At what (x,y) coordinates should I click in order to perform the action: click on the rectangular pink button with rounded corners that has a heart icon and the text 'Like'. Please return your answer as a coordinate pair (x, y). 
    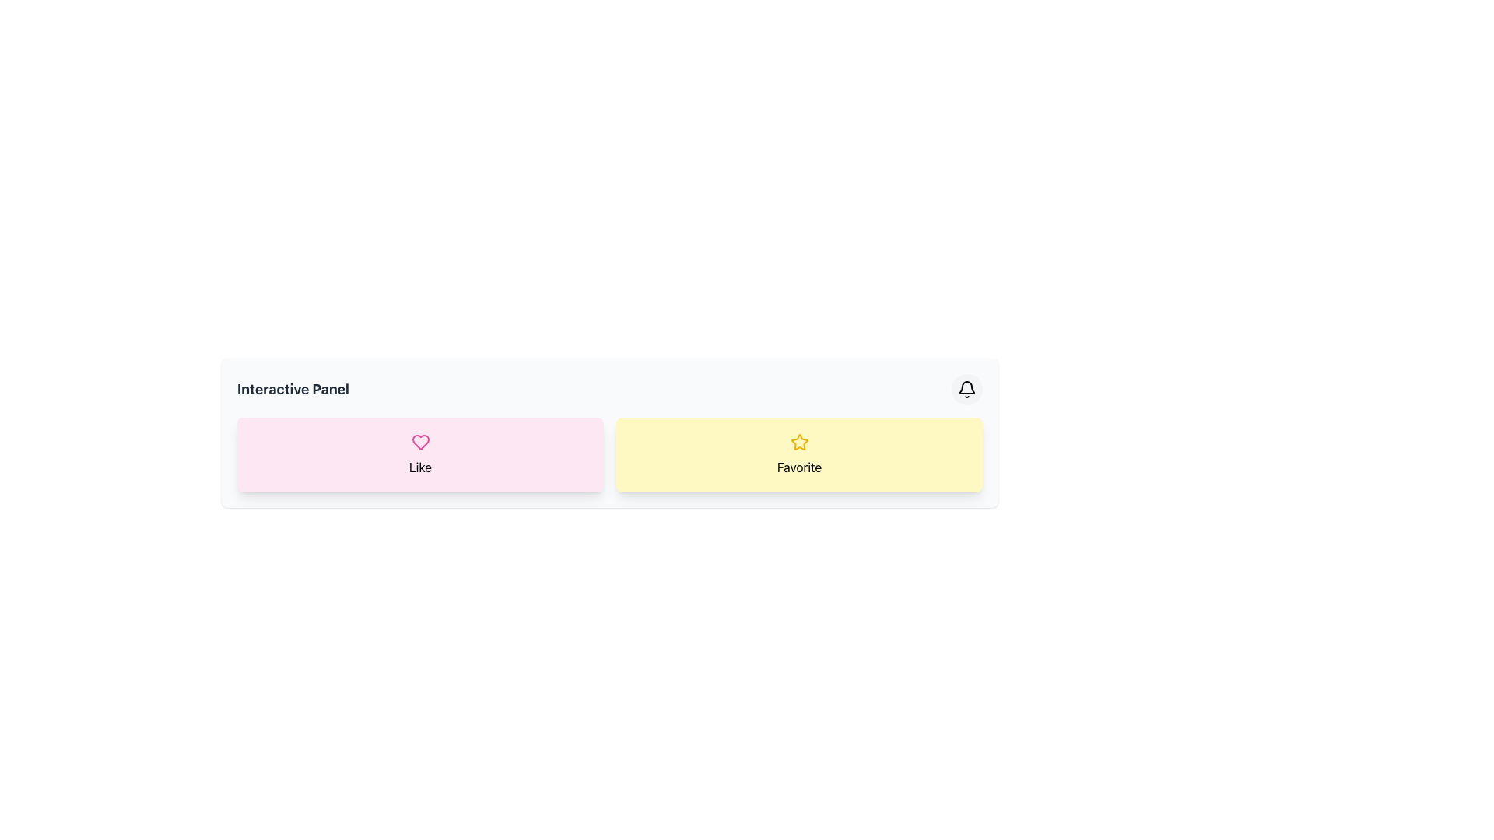
    Looking at the image, I should click on (420, 455).